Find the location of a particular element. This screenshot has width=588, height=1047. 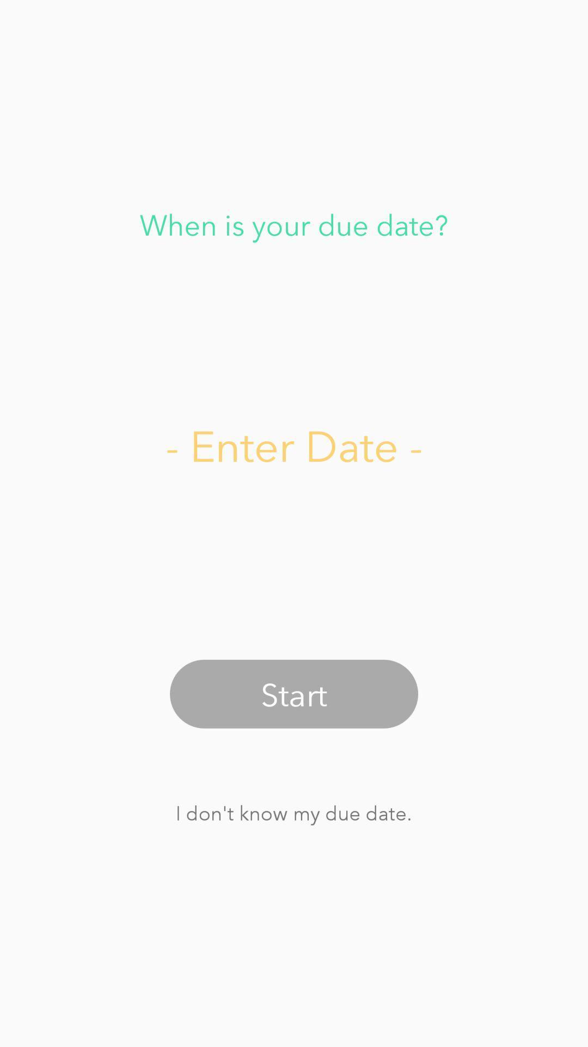

start is located at coordinates (294, 693).